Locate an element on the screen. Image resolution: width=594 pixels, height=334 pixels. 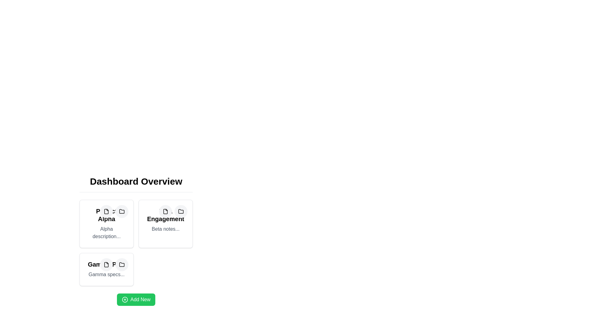
the text label reading 'Alpha description...' styled with gray text, located below the title 'Project Alpha' within its white card is located at coordinates (106, 233).